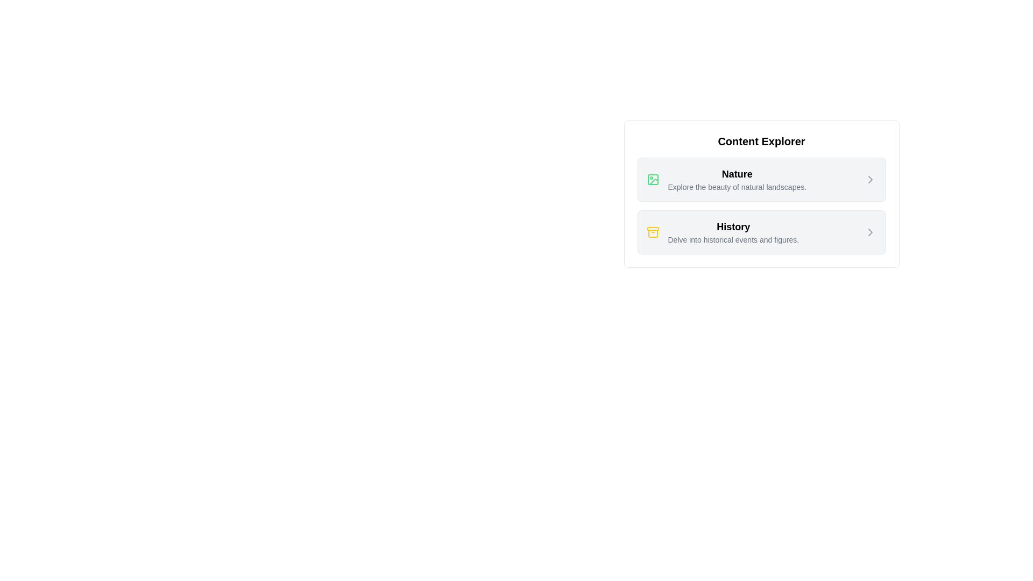 This screenshot has height=581, width=1033. I want to click on the chevron-shaped icon representing a right-pointing arrow located in the 'History' section of the interface, so click(870, 232).